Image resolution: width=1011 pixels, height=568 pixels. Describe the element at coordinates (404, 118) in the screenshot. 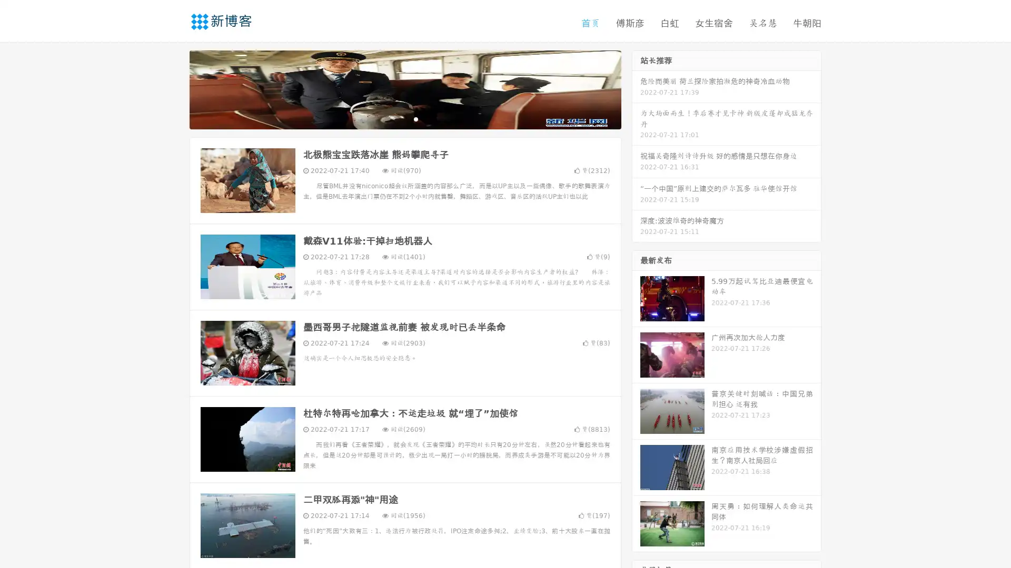

I see `Go to slide 2` at that location.